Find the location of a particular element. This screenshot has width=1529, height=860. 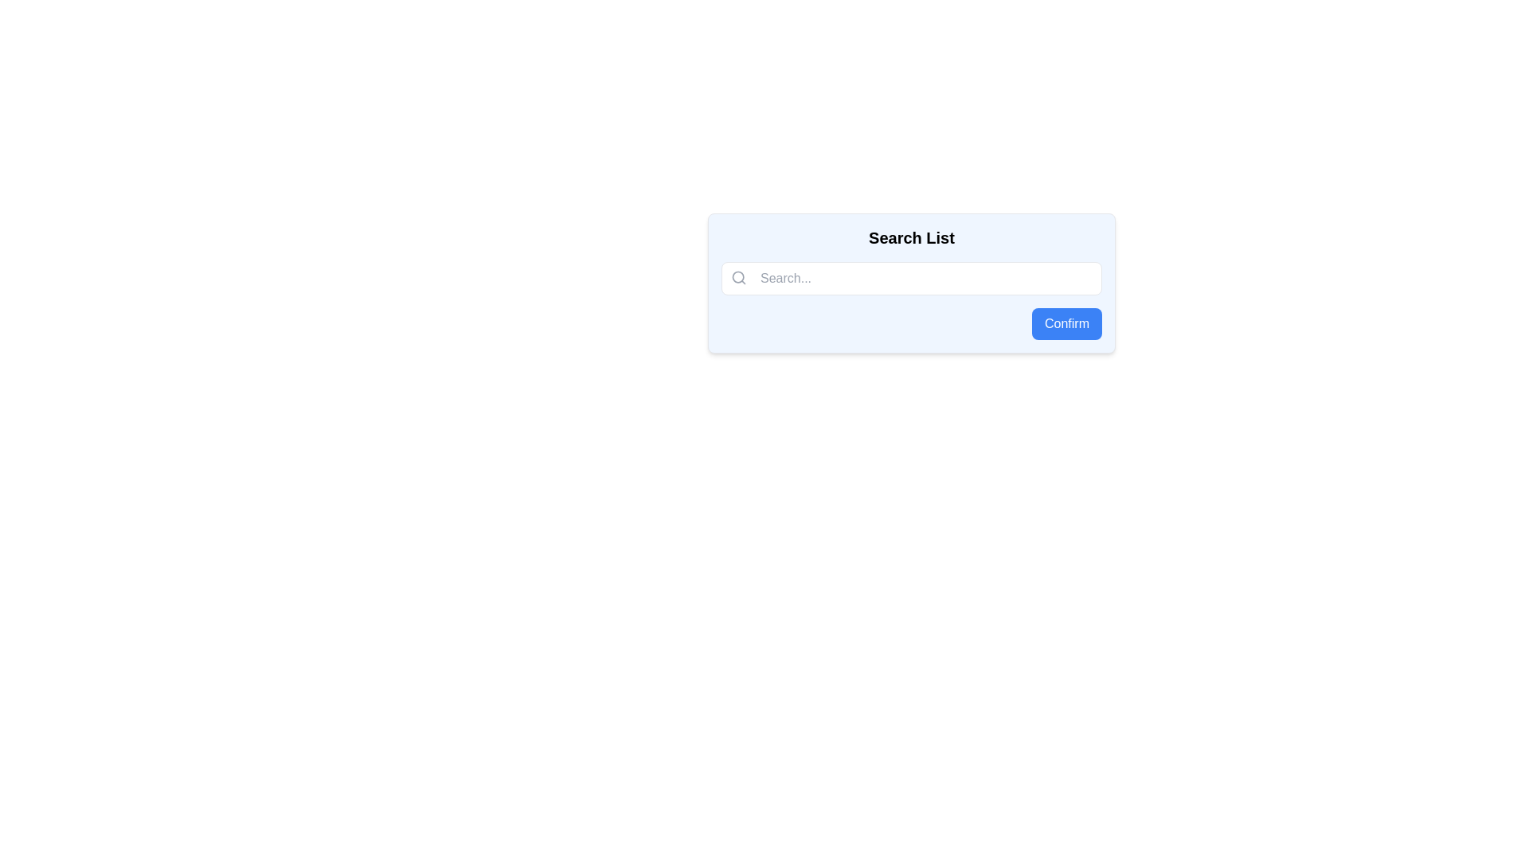

the magnifying glass icon located at the left end of the search bar, next to the placeholder text 'Search...' is located at coordinates (737, 276).